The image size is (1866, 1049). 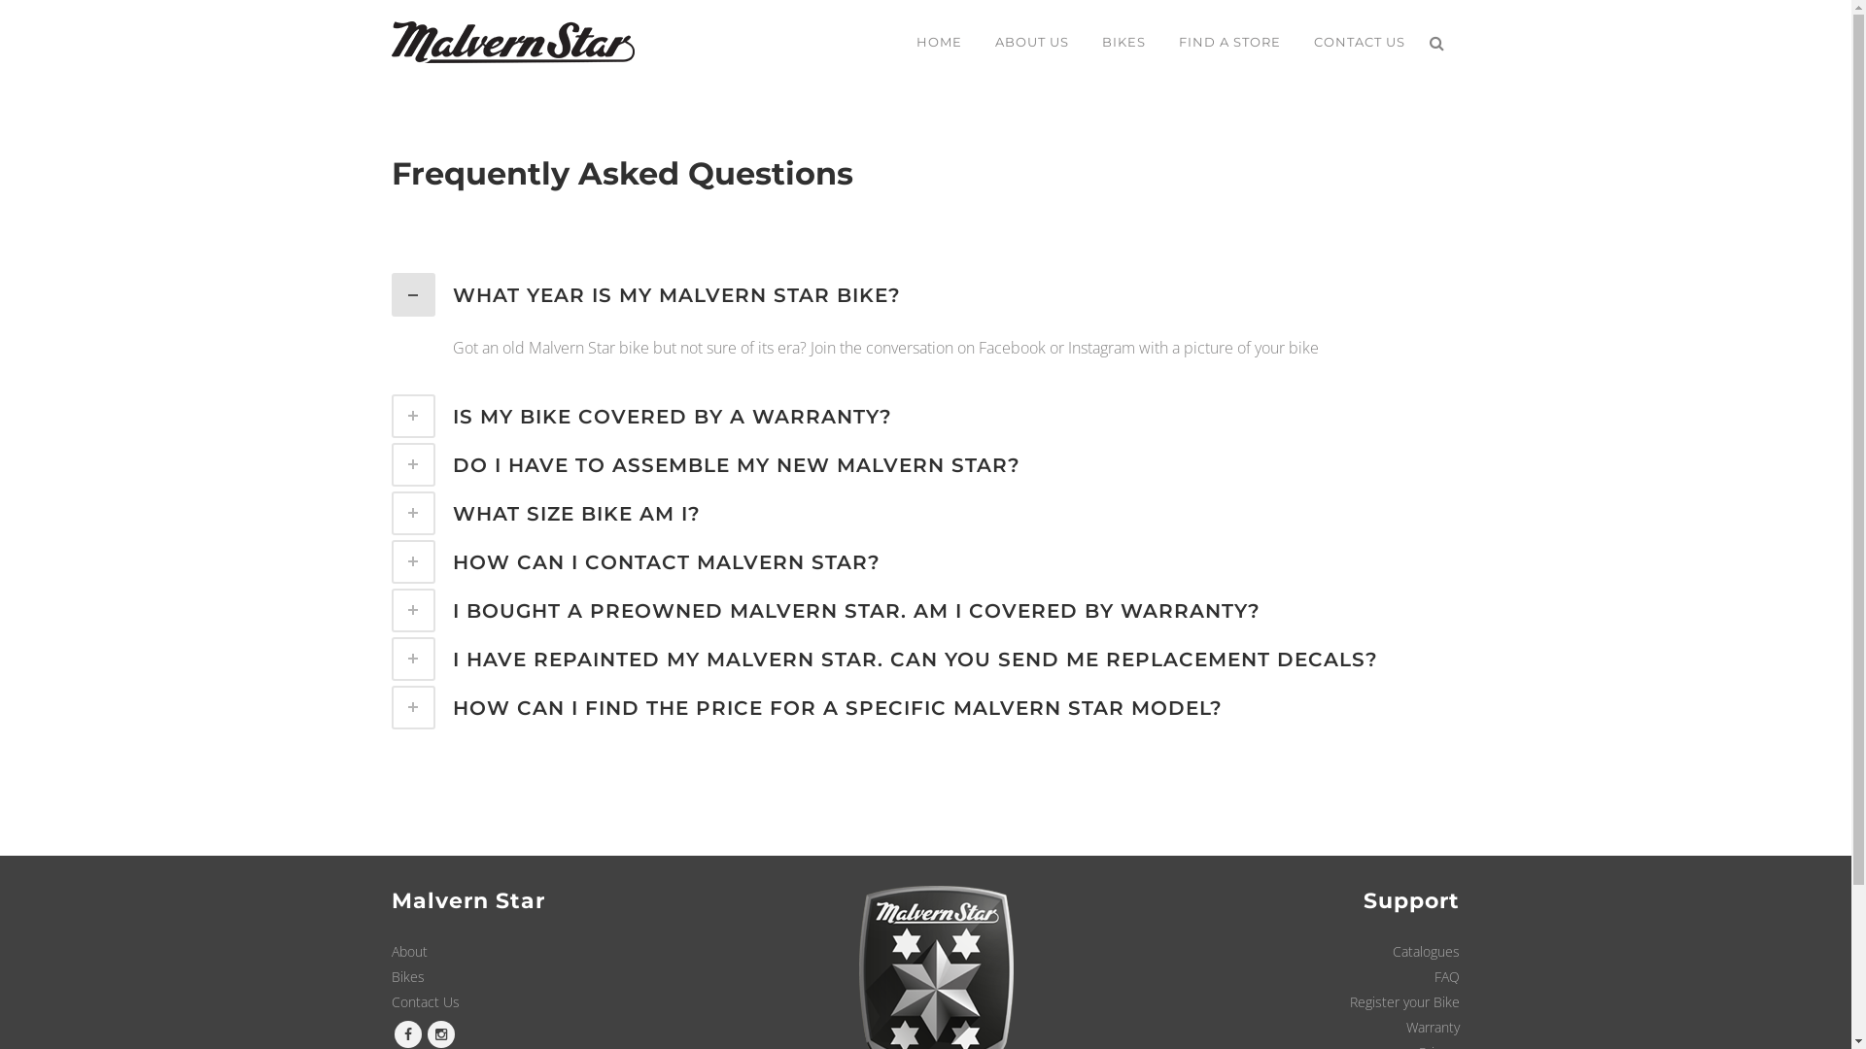 I want to click on 'FIND A STORE', so click(x=1228, y=41).